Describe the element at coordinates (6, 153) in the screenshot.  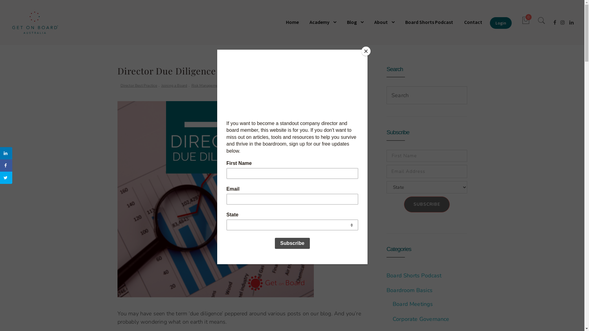
I see `'Share on LinkedIn'` at that location.